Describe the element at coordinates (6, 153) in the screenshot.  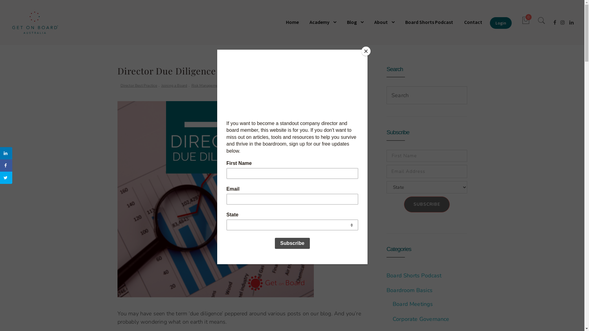
I see `'Share on LinkedIn'` at that location.